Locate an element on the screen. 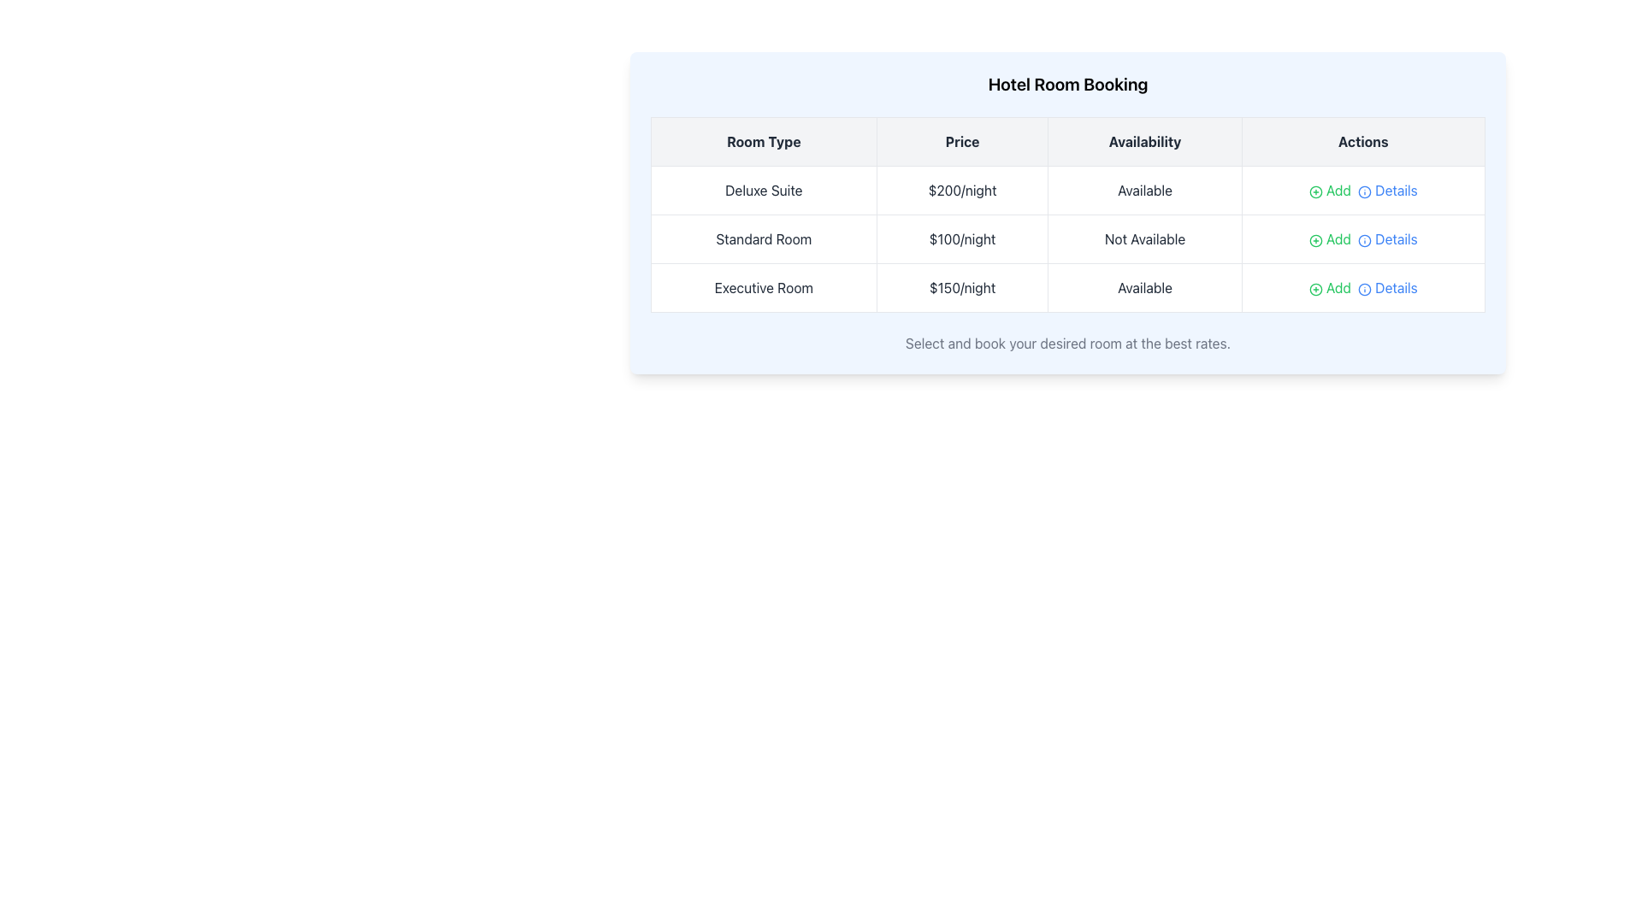  the green circular '+' button in the 'Actions' column for the 'Executive Room' entry in the table is located at coordinates (1314, 288).